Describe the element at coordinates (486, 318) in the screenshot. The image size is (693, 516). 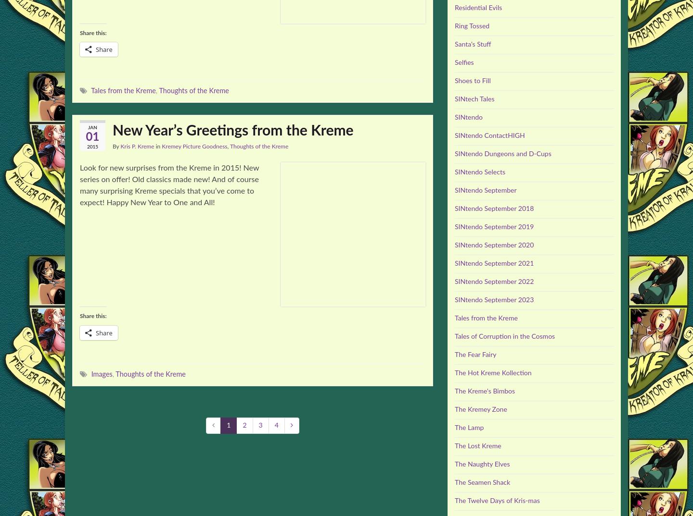
I see `'Tales from the Kreme'` at that location.